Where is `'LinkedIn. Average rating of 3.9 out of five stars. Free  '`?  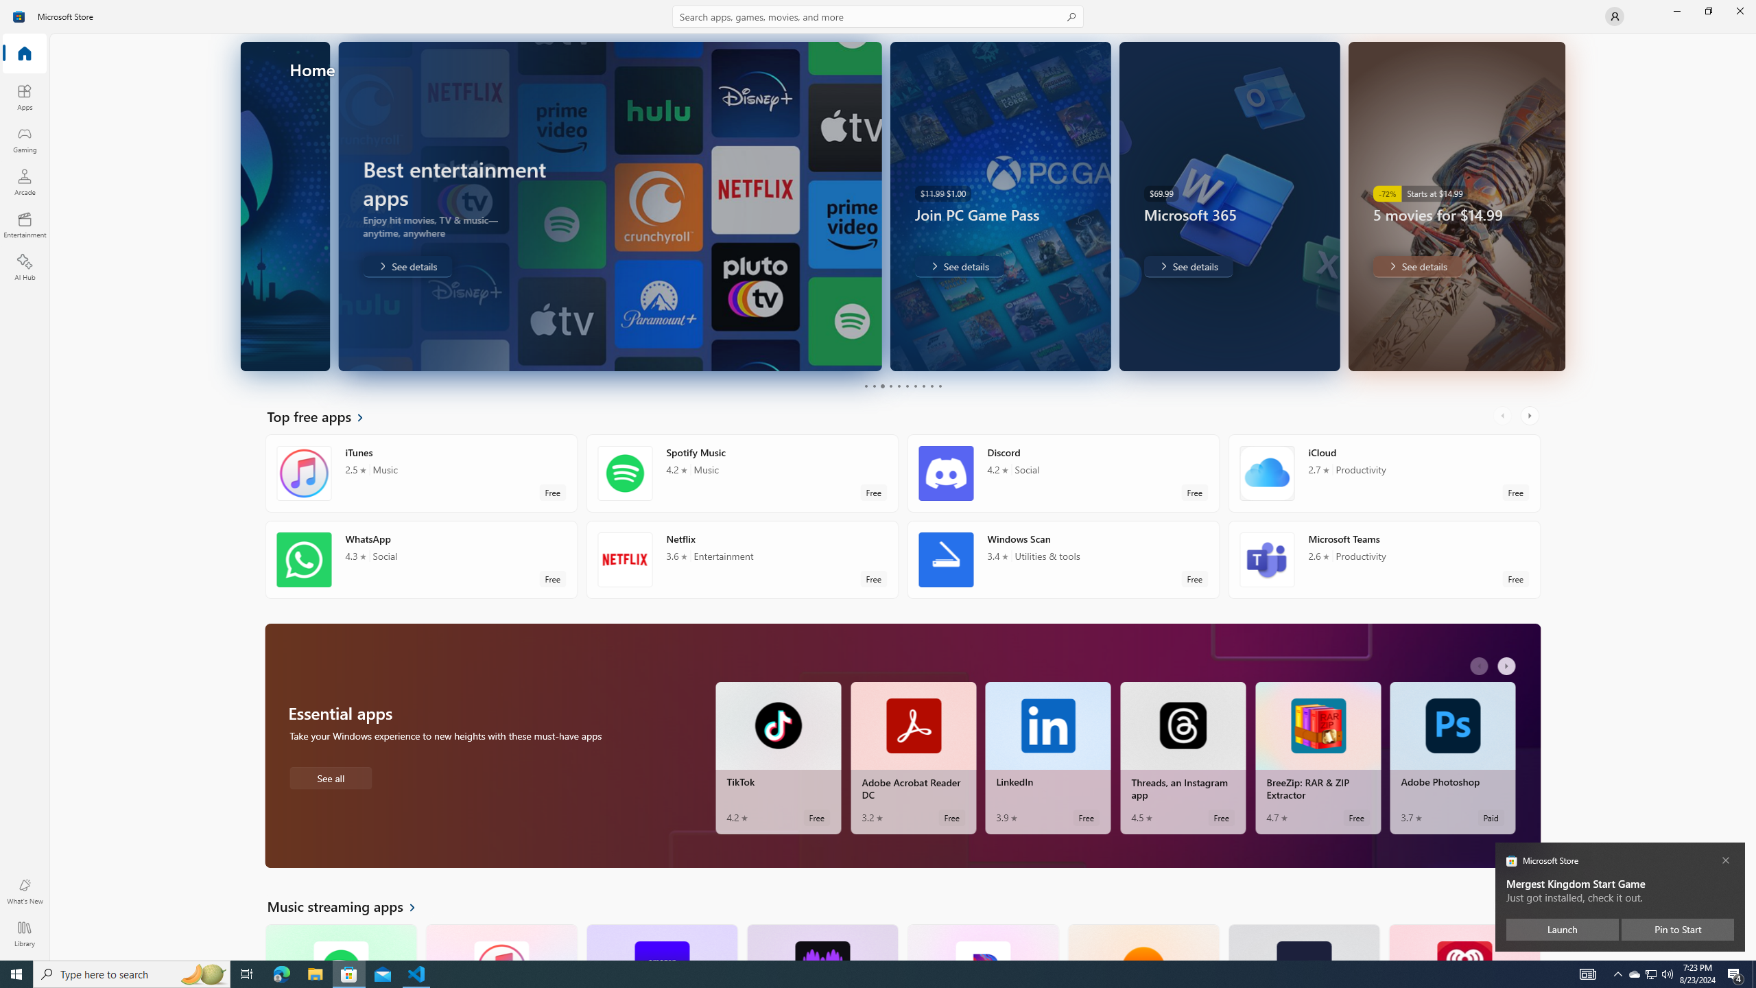
'LinkedIn. Average rating of 3.9 out of five stars. Free  ' is located at coordinates (1048, 757).